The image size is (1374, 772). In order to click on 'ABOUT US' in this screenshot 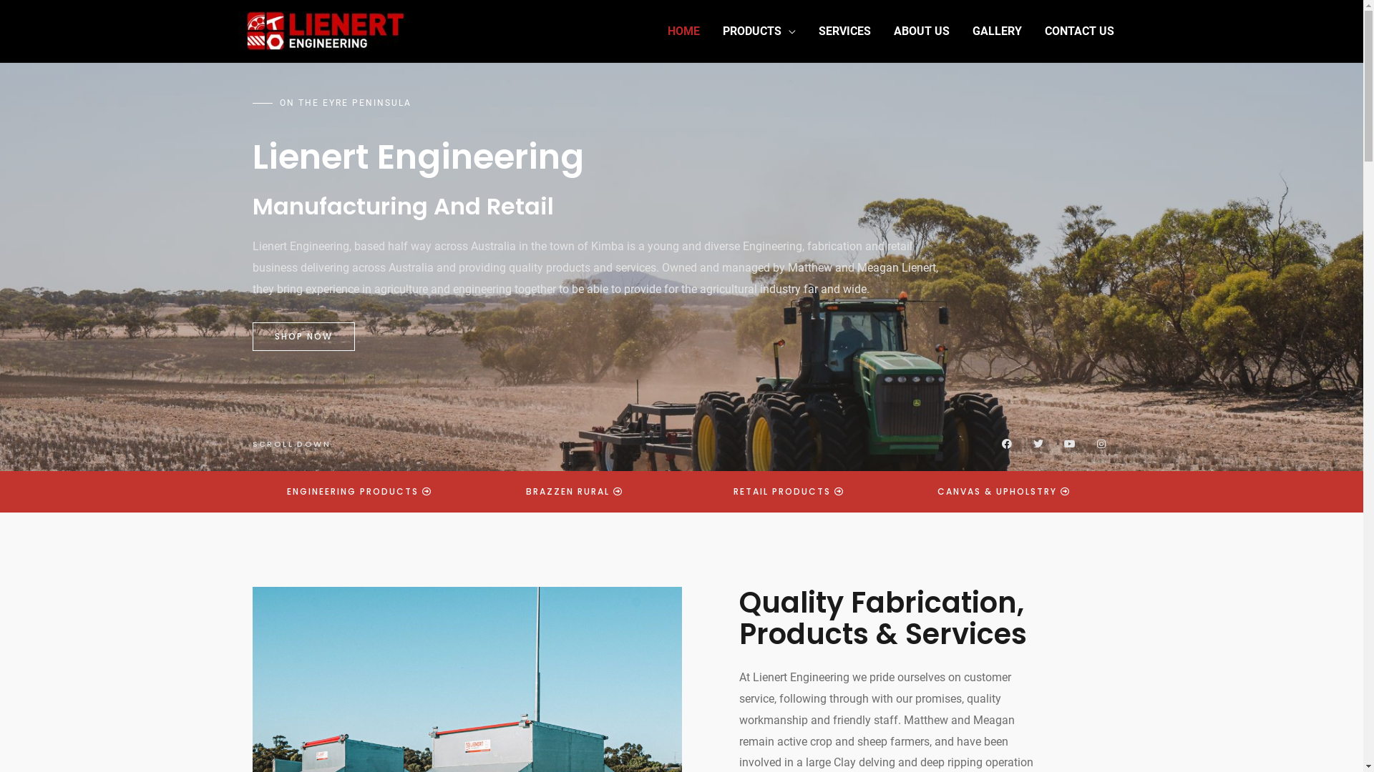, I will do `click(920, 31)`.